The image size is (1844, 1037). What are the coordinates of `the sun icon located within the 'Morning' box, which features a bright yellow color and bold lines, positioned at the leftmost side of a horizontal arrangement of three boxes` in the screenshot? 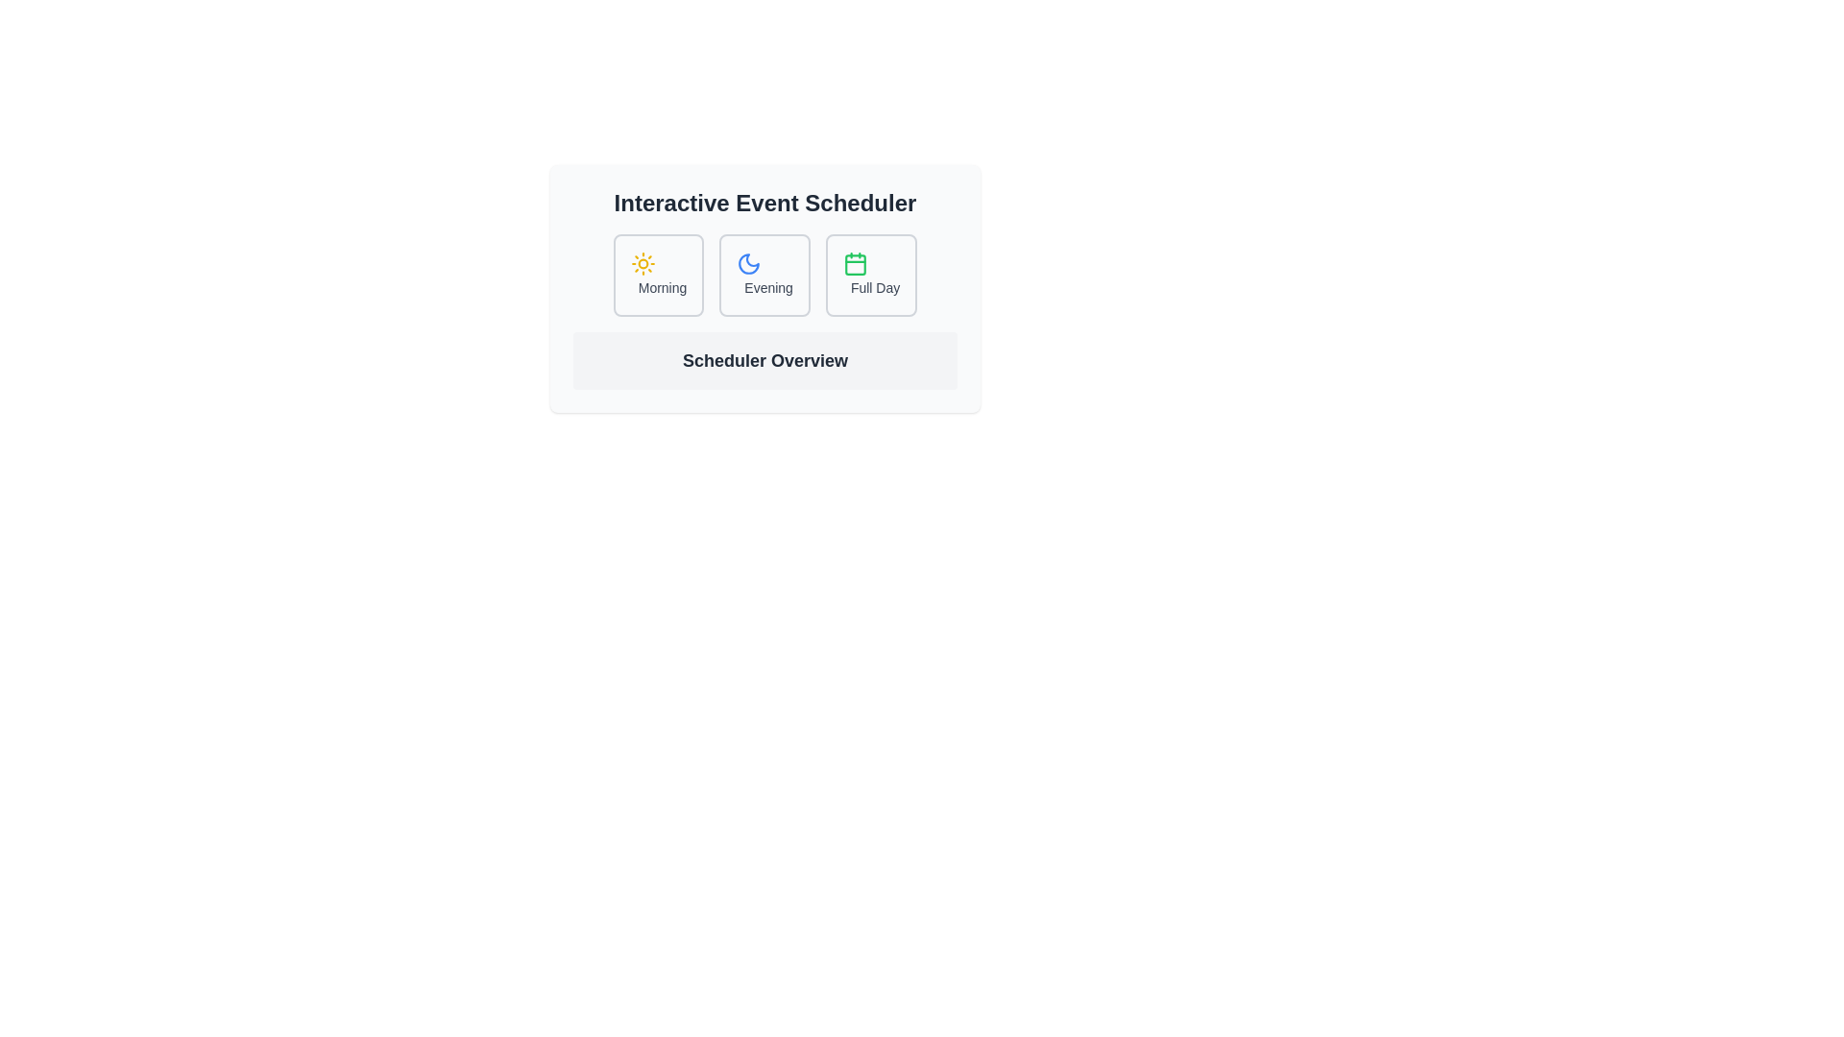 It's located at (643, 263).